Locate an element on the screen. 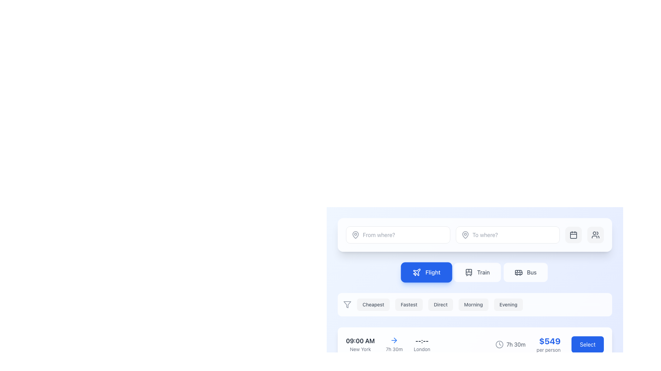 The image size is (661, 371). bold text label displaying '09:00 AM' which indicates the departure time in the travel booking interface is located at coordinates (360, 341).